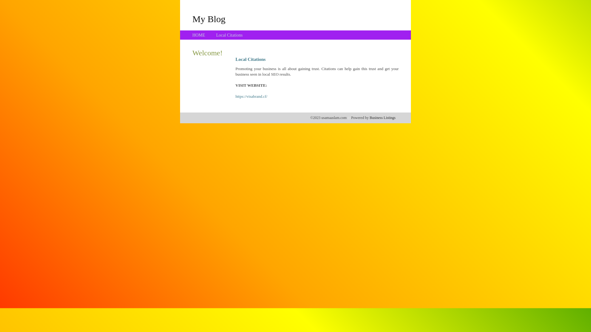 The width and height of the screenshot is (591, 332). What do you see at coordinates (216, 35) in the screenshot?
I see `'Local Citations'` at bounding box center [216, 35].